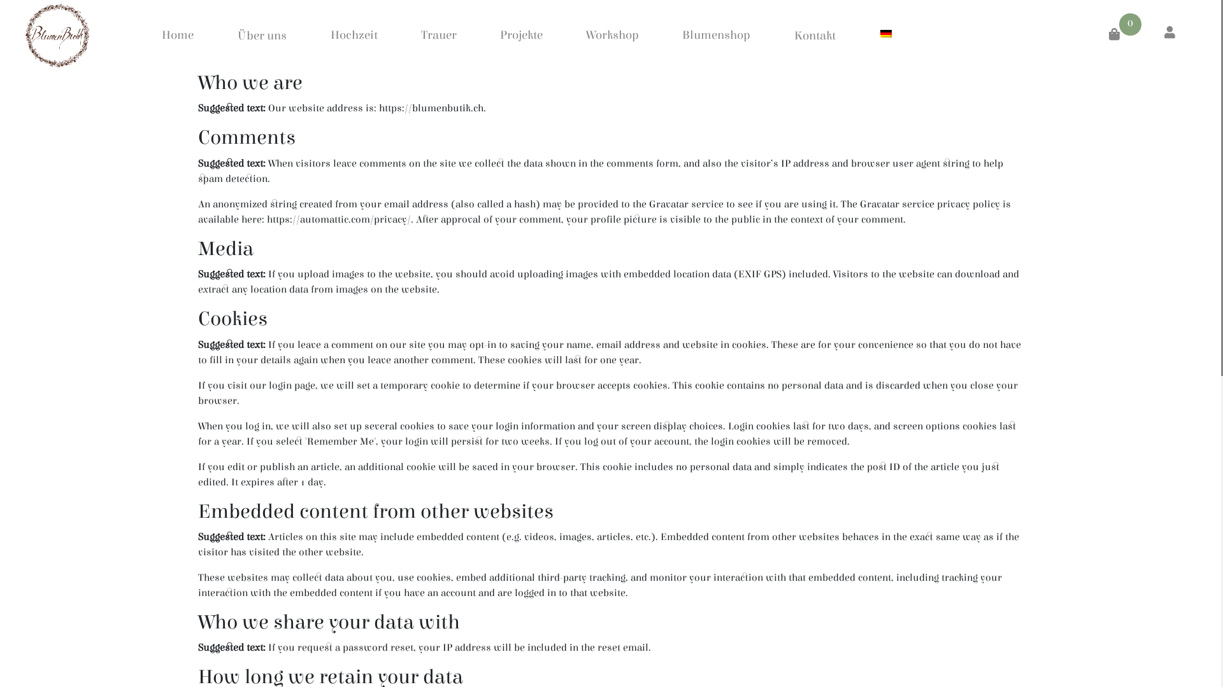 This screenshot has height=687, width=1223. I want to click on 'Kontakt', so click(814, 35).